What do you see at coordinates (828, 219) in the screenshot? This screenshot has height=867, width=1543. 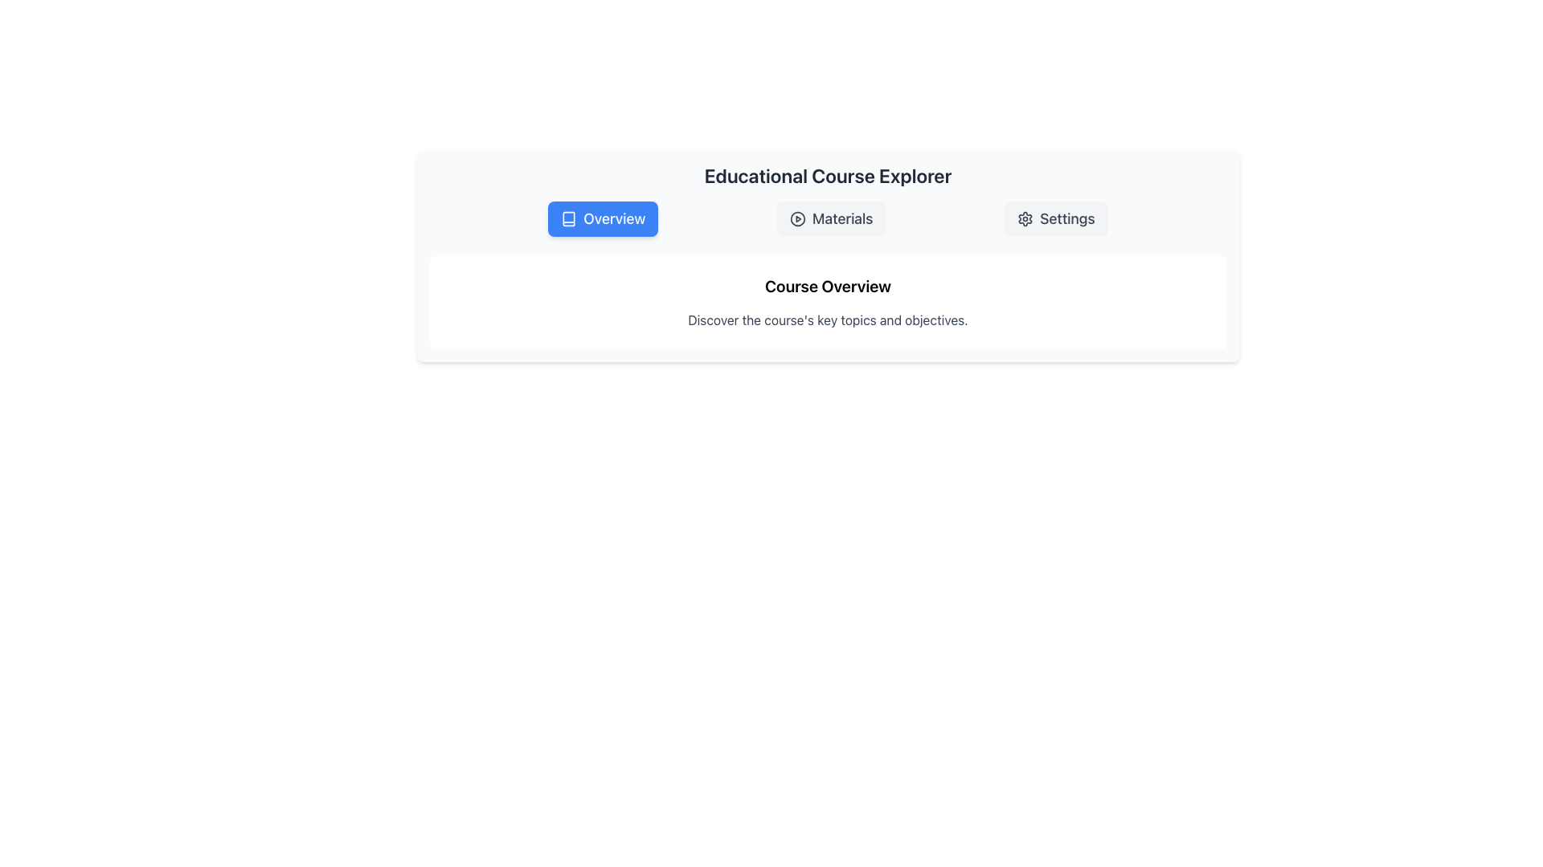 I see `the 'Materials' tab in the Tab Bar of the Educational Course Explorer` at bounding box center [828, 219].